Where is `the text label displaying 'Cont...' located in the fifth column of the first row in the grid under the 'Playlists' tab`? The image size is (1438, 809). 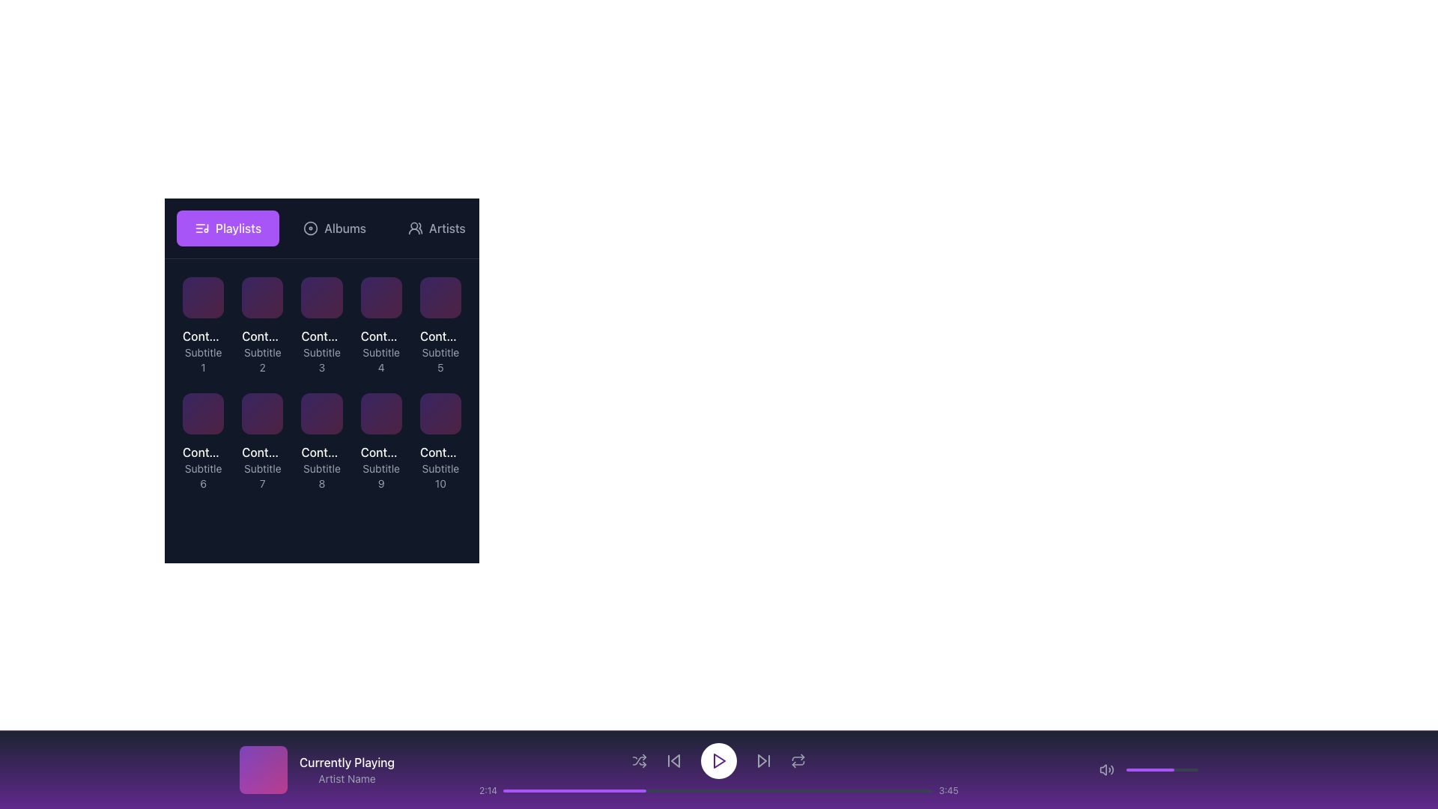 the text label displaying 'Cont...' located in the fifth column of the first row in the grid under the 'Playlists' tab is located at coordinates (440, 336).